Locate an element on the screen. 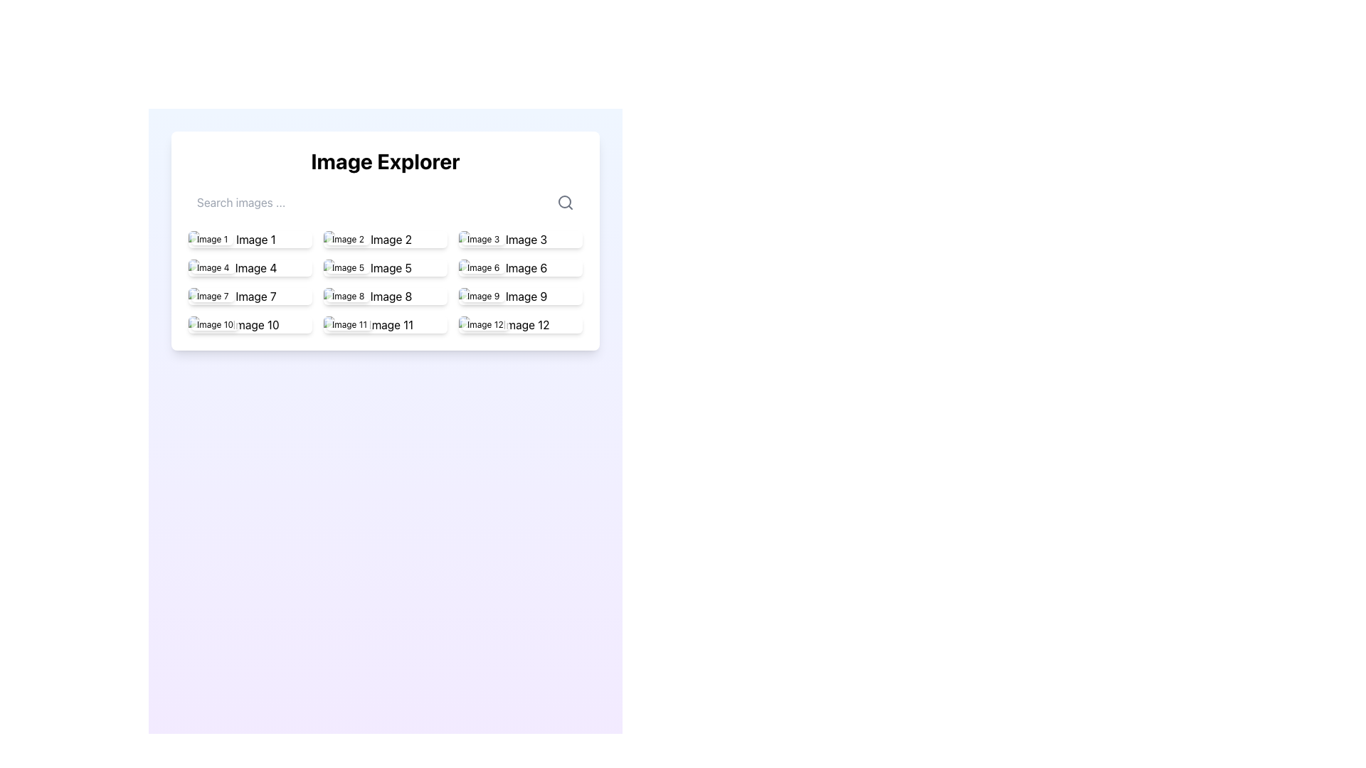  the text label located at the bottom-left corner of the thumbnail for 'Image 3' in the first row, third column of the grid layout is located at coordinates (483, 238).